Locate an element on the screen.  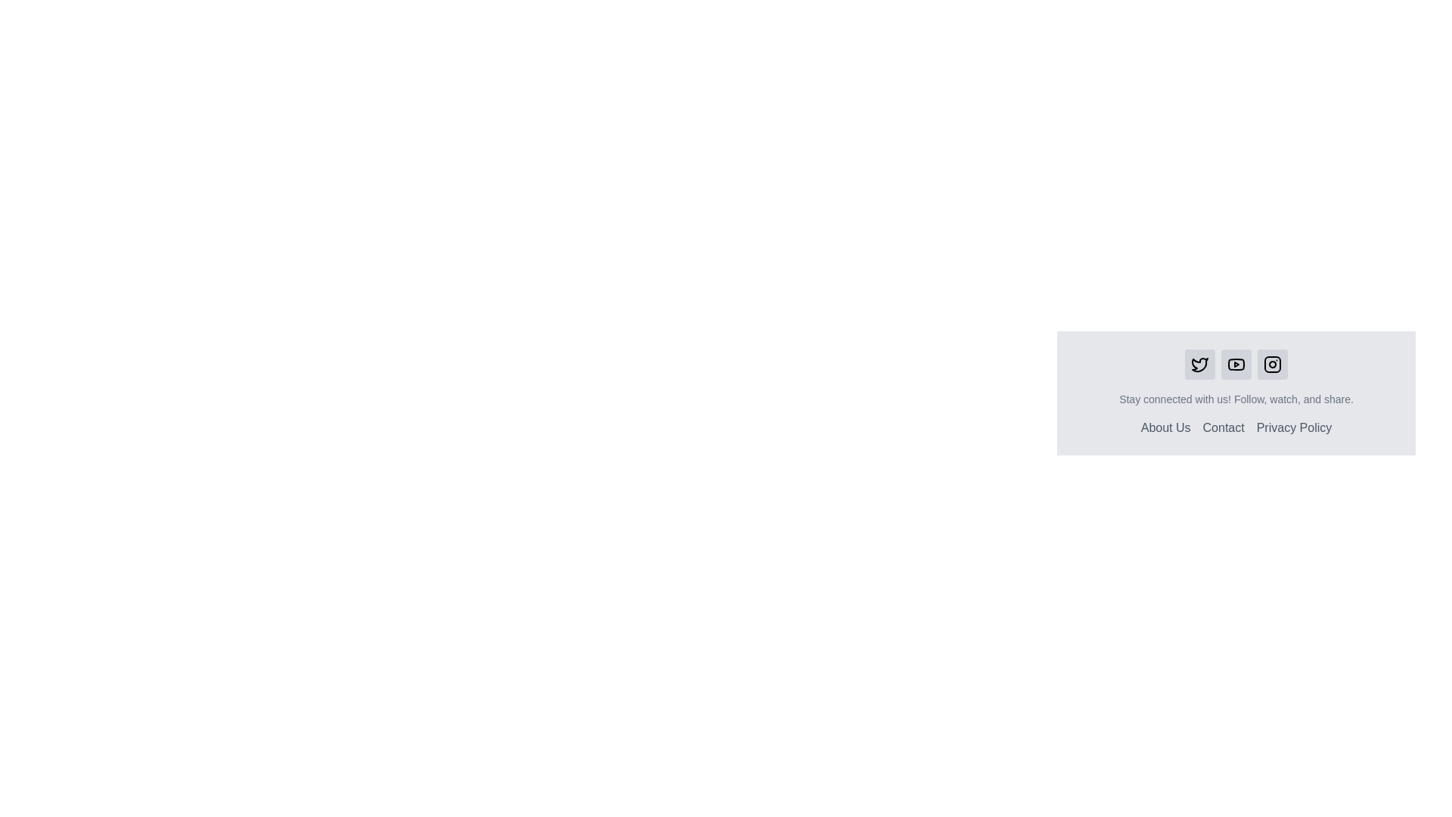
the Twitter logo icon, which is a bird silhouette located in the footer section on the far left of the icons row is located at coordinates (1199, 365).